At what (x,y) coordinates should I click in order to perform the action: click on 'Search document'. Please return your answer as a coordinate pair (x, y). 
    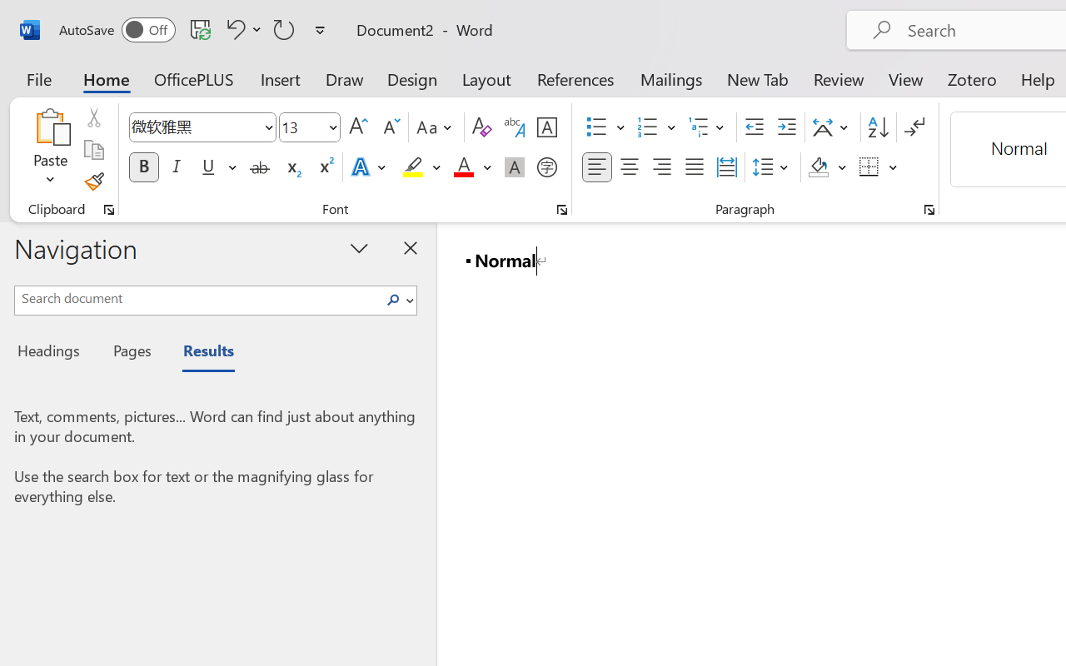
    Looking at the image, I should click on (197, 298).